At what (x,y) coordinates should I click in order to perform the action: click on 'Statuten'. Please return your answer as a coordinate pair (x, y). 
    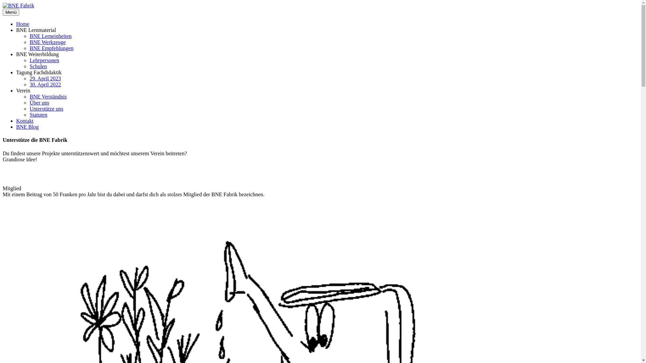
    Looking at the image, I should click on (38, 114).